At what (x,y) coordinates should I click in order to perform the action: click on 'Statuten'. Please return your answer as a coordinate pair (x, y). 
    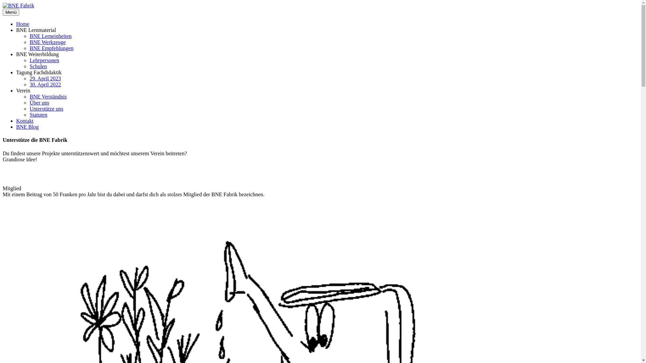
    Looking at the image, I should click on (38, 114).